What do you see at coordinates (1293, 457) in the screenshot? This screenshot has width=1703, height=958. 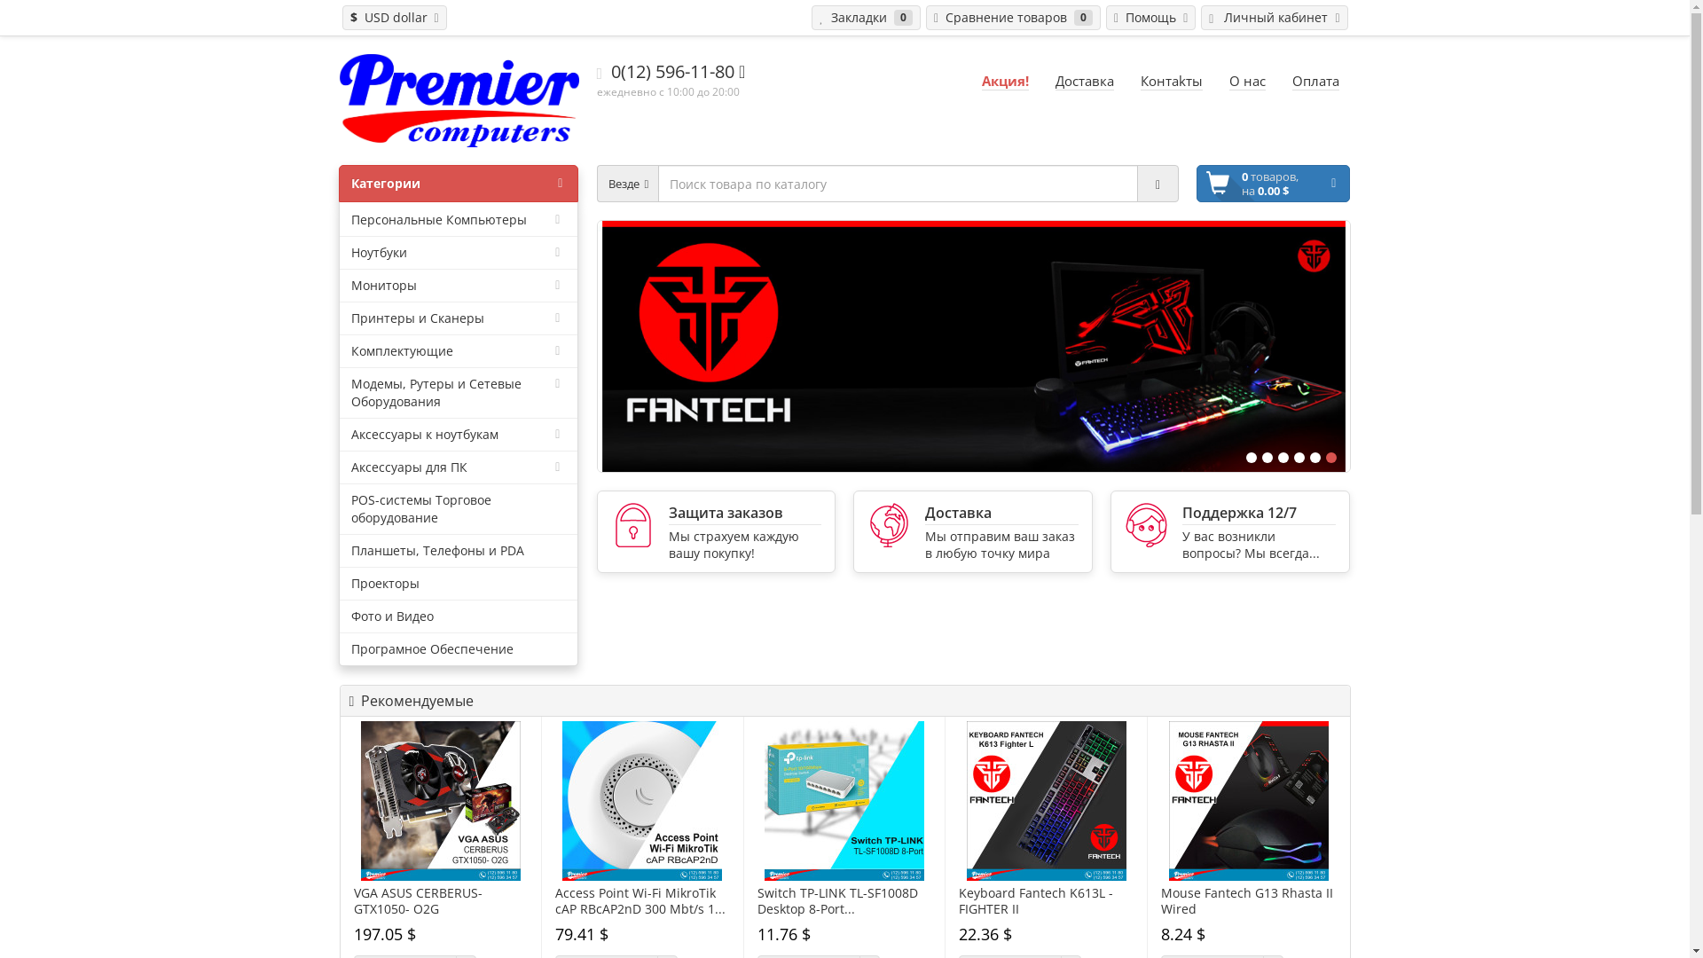 I see `'4'` at bounding box center [1293, 457].